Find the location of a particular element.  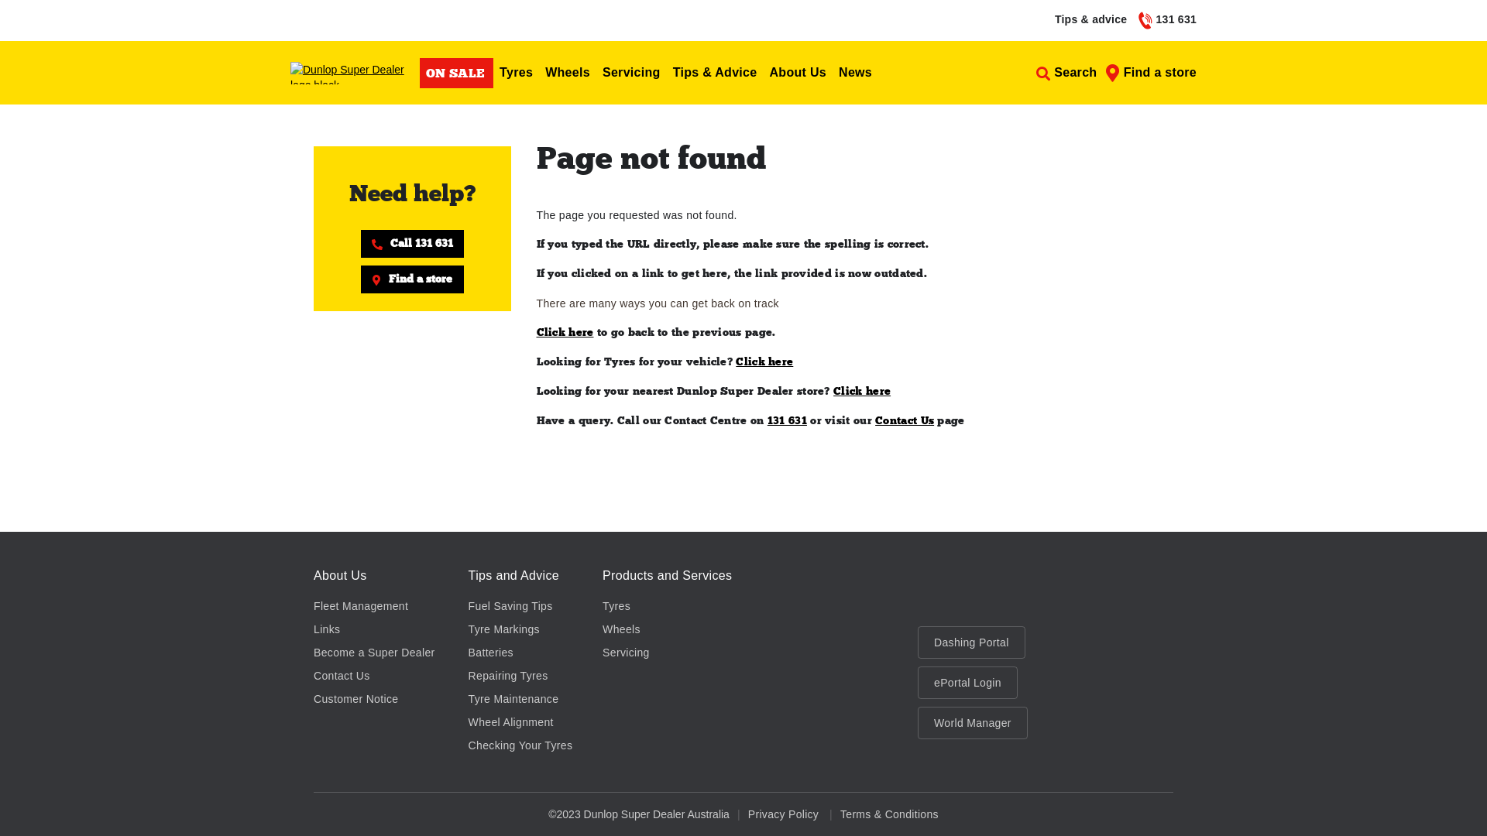

'Click here' is located at coordinates (564, 331).